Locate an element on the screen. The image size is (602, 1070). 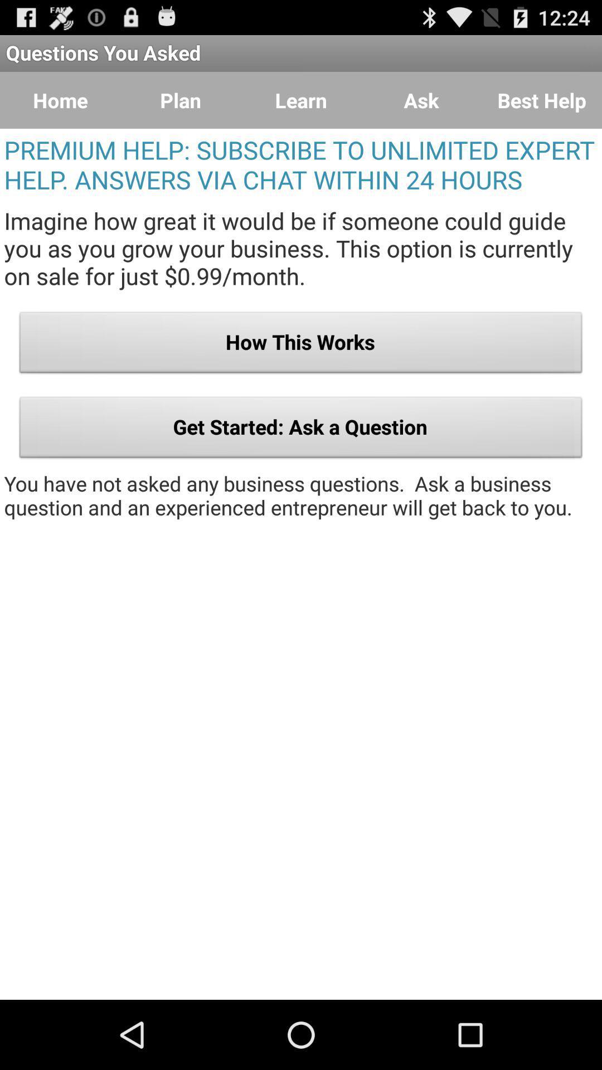
button next to plan button is located at coordinates (60, 100).